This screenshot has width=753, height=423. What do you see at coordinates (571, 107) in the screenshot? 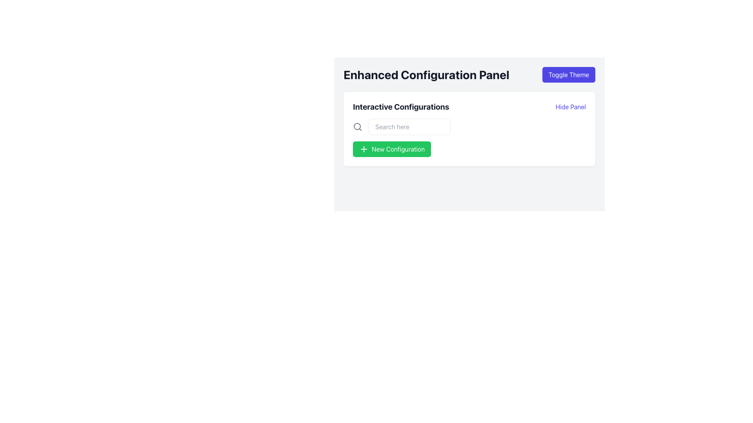
I see `the 'Hide Panel' text link located in the upper-right corner of the 'Interactive Configurations' section to hide the panel` at bounding box center [571, 107].